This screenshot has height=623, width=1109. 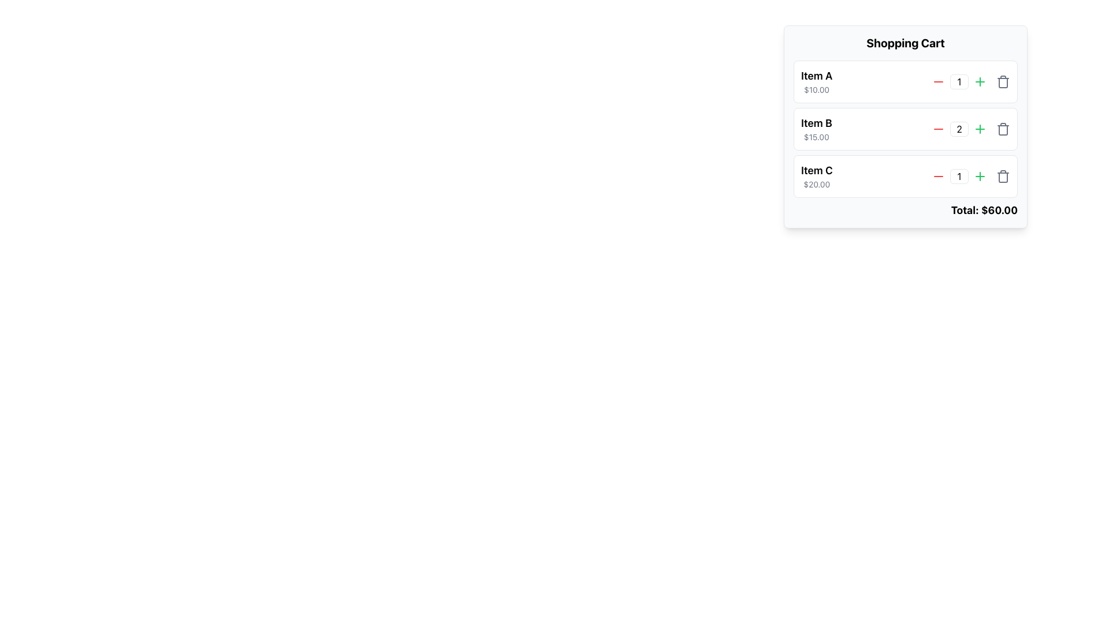 I want to click on the Text Label displaying informational data (Product Name and Price) for 'Item B' which shows the product name in large bold font and the price '$15.00' in smaller gray font, located in the shopping cart interface, so click(x=816, y=129).